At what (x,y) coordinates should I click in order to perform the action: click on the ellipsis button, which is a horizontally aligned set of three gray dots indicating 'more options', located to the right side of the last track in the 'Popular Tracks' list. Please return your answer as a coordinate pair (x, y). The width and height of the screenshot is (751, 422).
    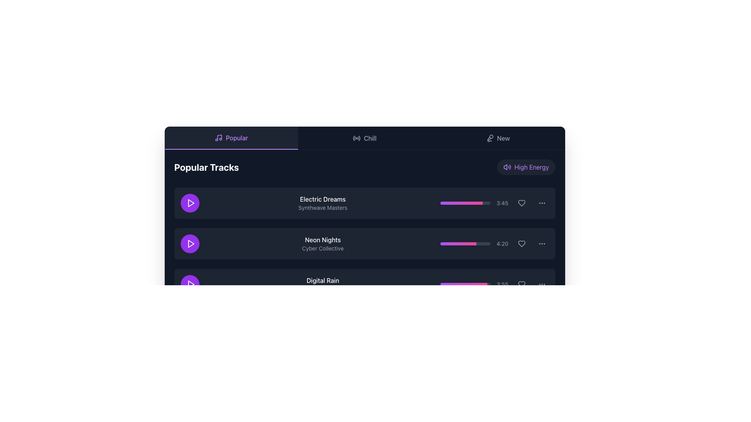
    Looking at the image, I should click on (541, 284).